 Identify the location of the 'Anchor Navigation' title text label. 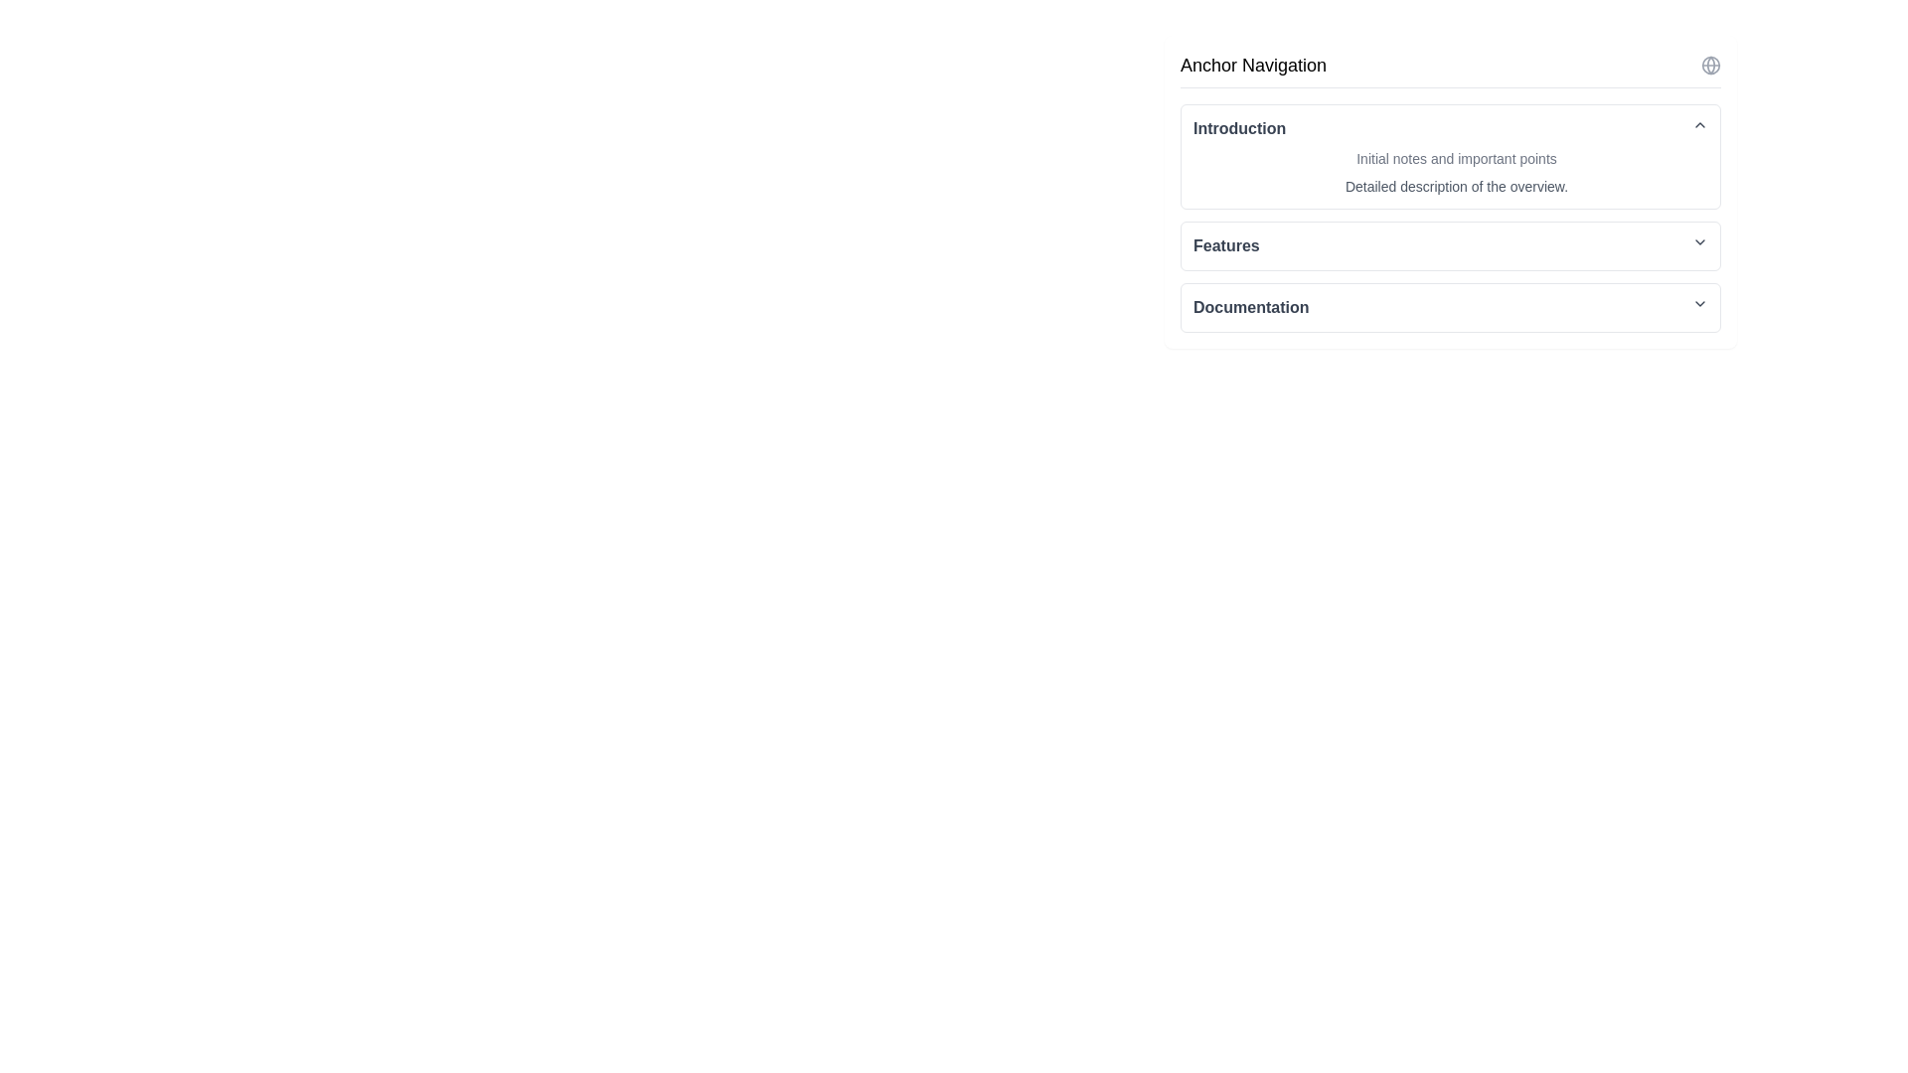
(1252, 64).